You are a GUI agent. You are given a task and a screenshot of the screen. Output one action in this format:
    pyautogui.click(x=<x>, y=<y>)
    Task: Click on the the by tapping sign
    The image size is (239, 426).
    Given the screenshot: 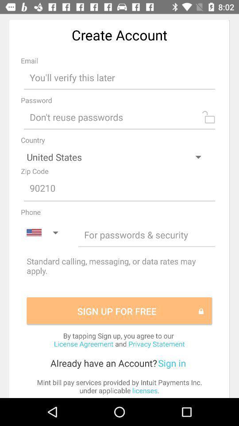 What is the action you would take?
    pyautogui.click(x=119, y=339)
    